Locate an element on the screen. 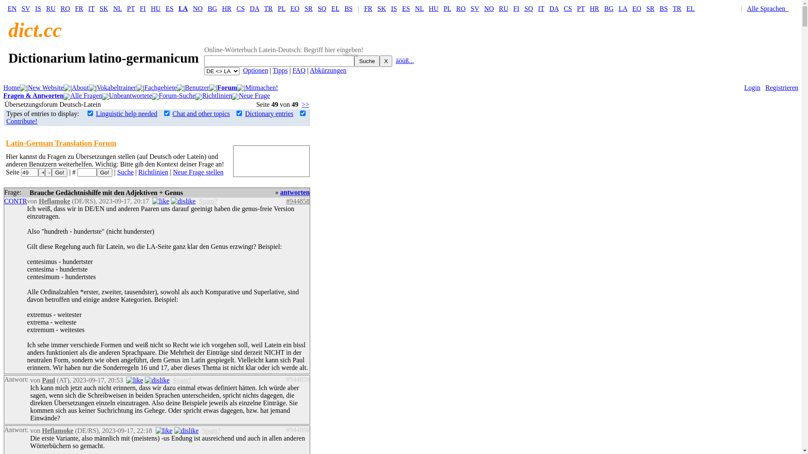 The image size is (808, 454). 'Fragen & Antworten' is located at coordinates (33, 95).